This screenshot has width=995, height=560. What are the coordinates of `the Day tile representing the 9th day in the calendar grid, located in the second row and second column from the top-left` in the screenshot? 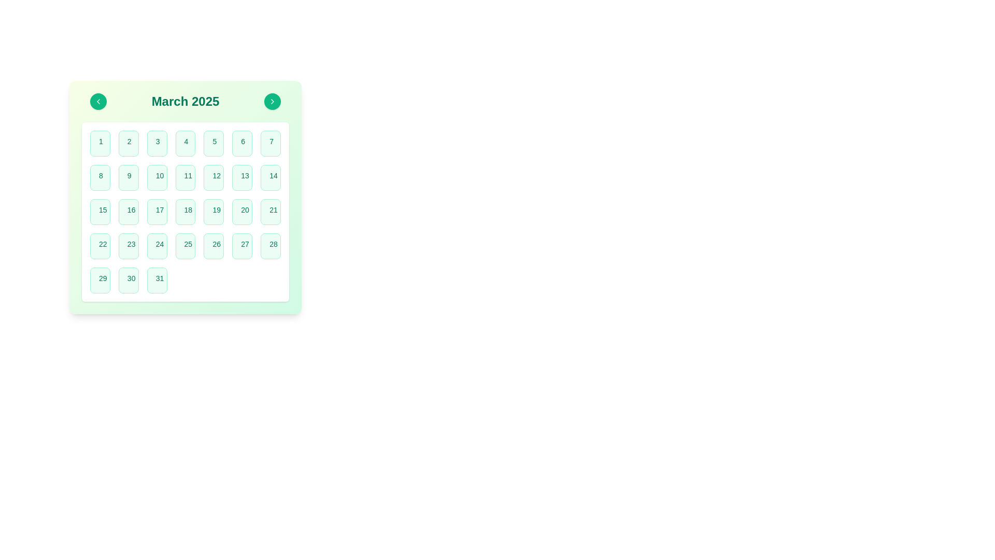 It's located at (128, 177).